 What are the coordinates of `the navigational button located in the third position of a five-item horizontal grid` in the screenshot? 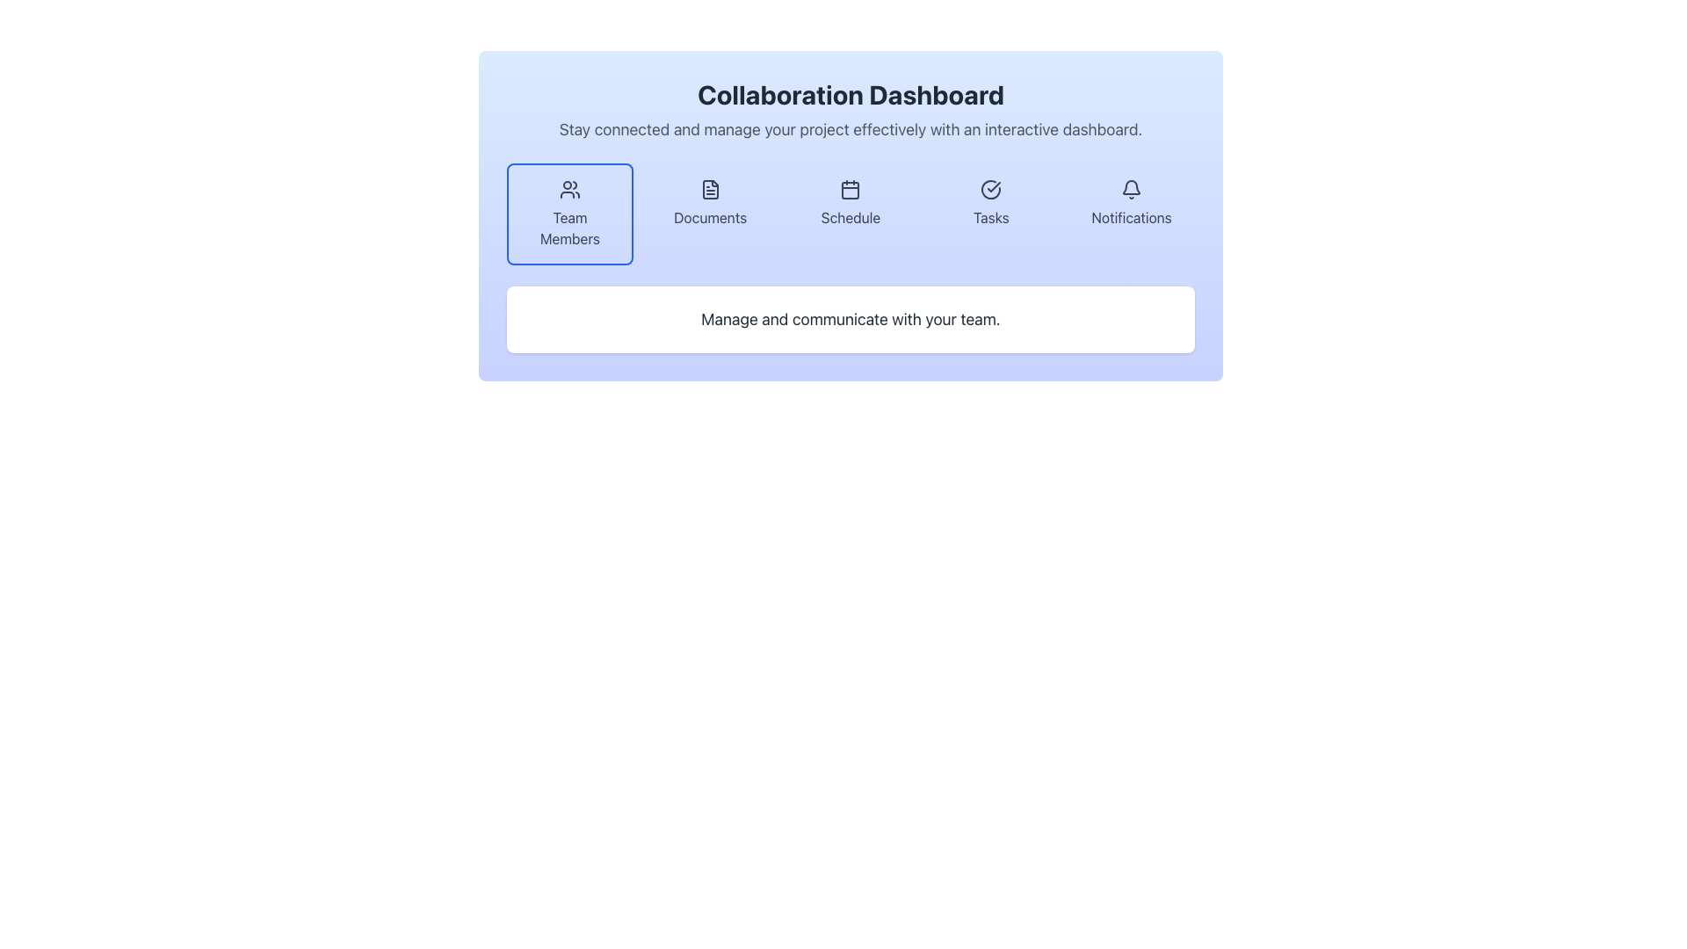 It's located at (851, 213).